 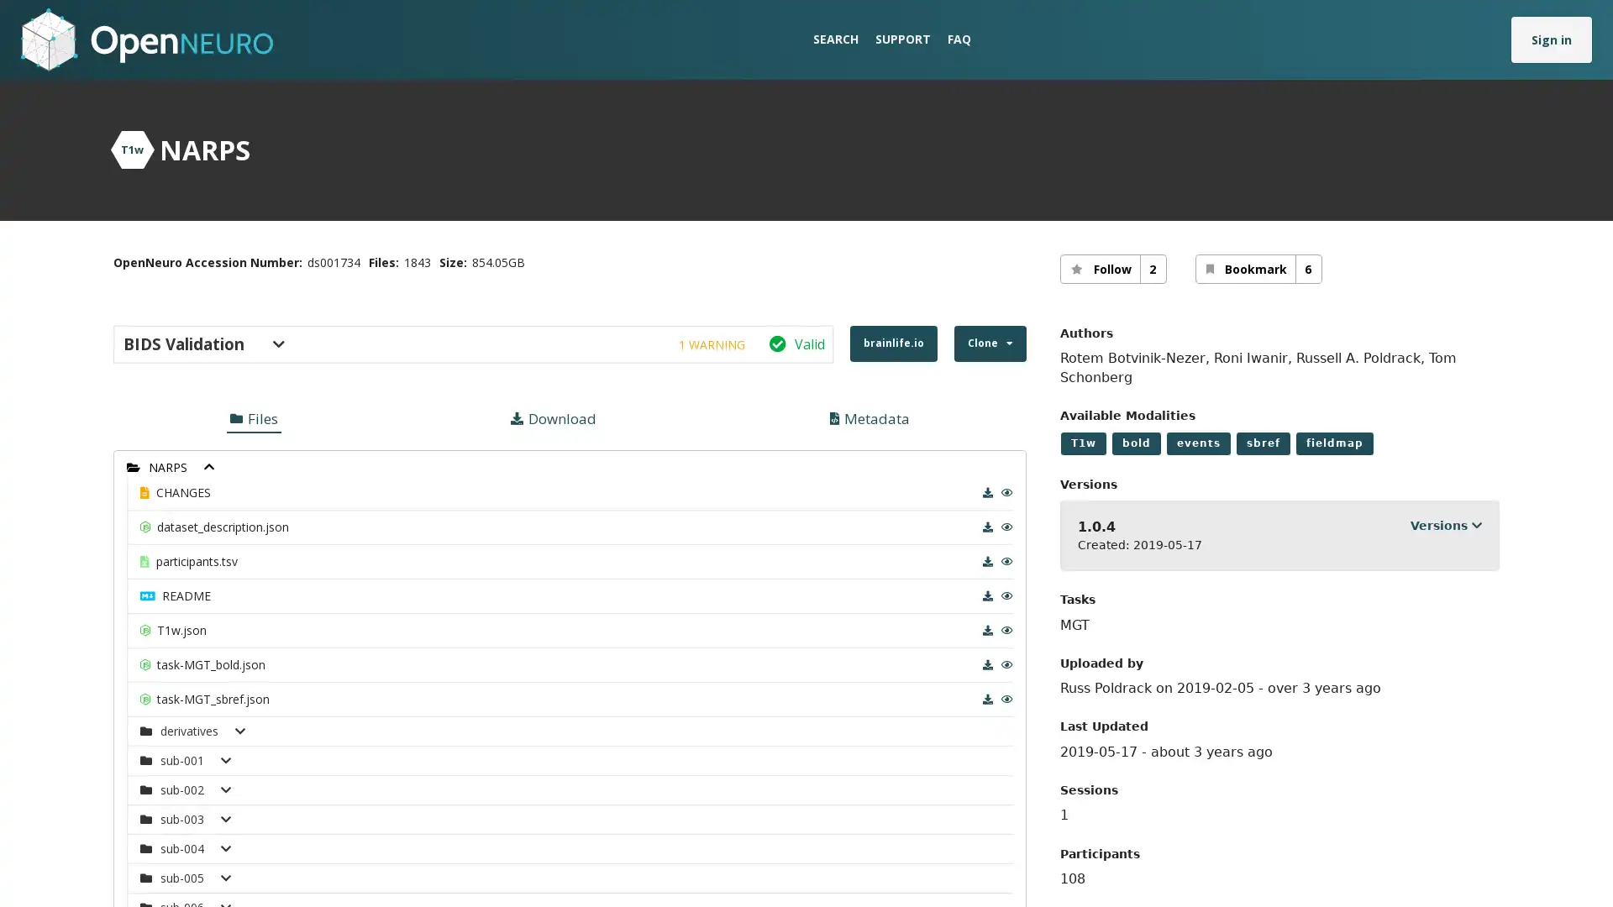 What do you see at coordinates (710, 486) in the screenshot?
I see `copy git hash` at bounding box center [710, 486].